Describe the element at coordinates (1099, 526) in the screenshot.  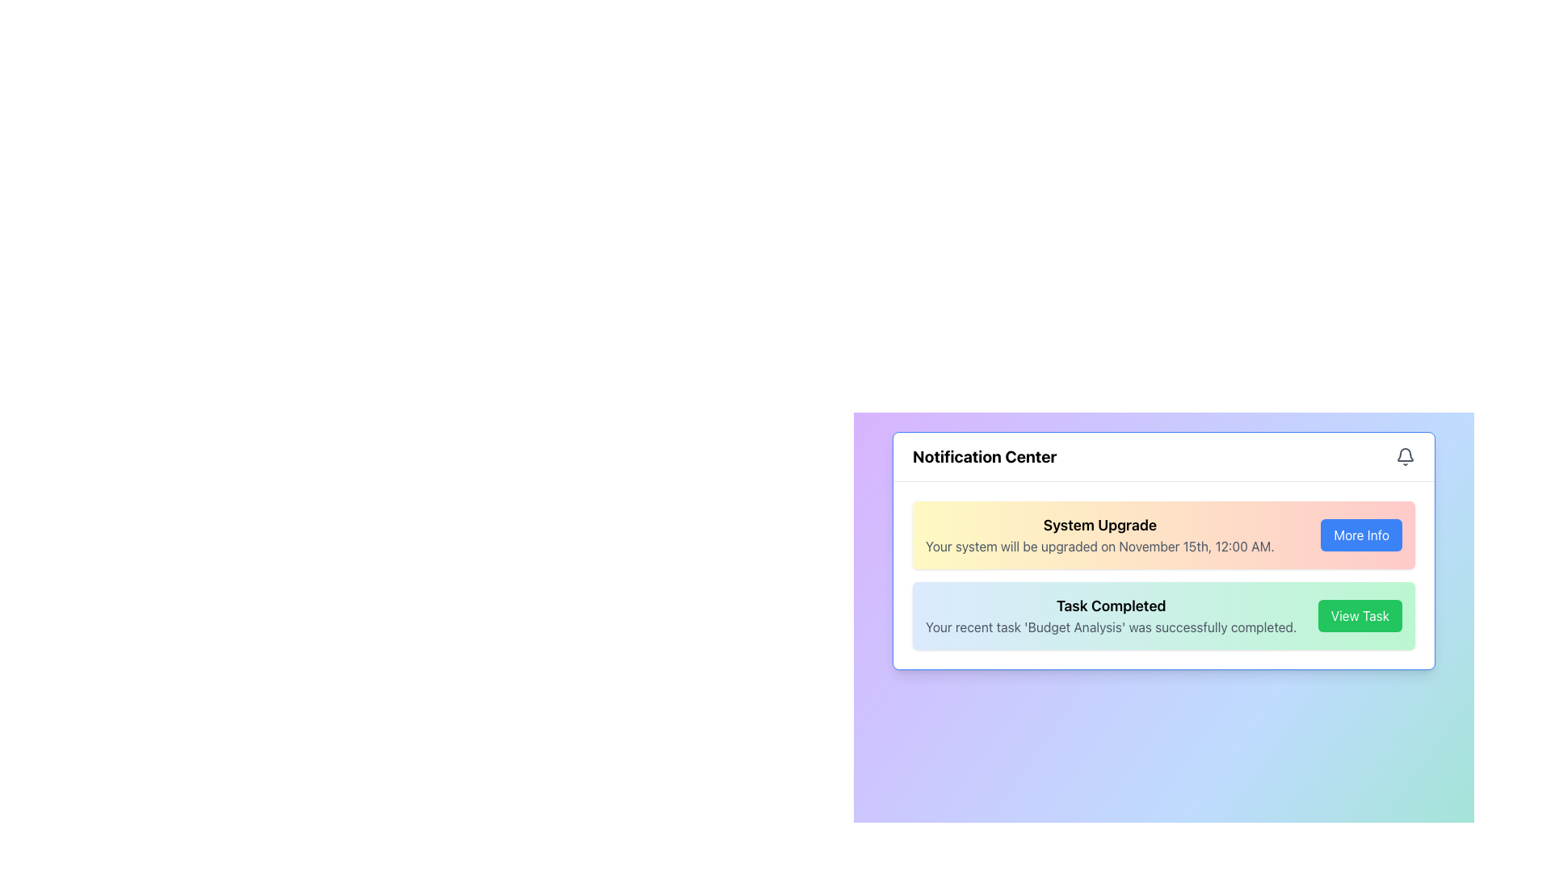
I see `the 'System Upgrade' text label, which is prominently displayed in bold black font on a yellow notification card, located at the upper area of the card` at that location.